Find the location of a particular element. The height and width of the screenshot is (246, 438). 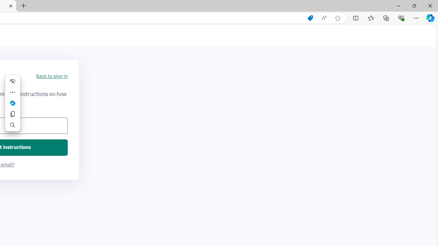

'Copy' is located at coordinates (13, 114).